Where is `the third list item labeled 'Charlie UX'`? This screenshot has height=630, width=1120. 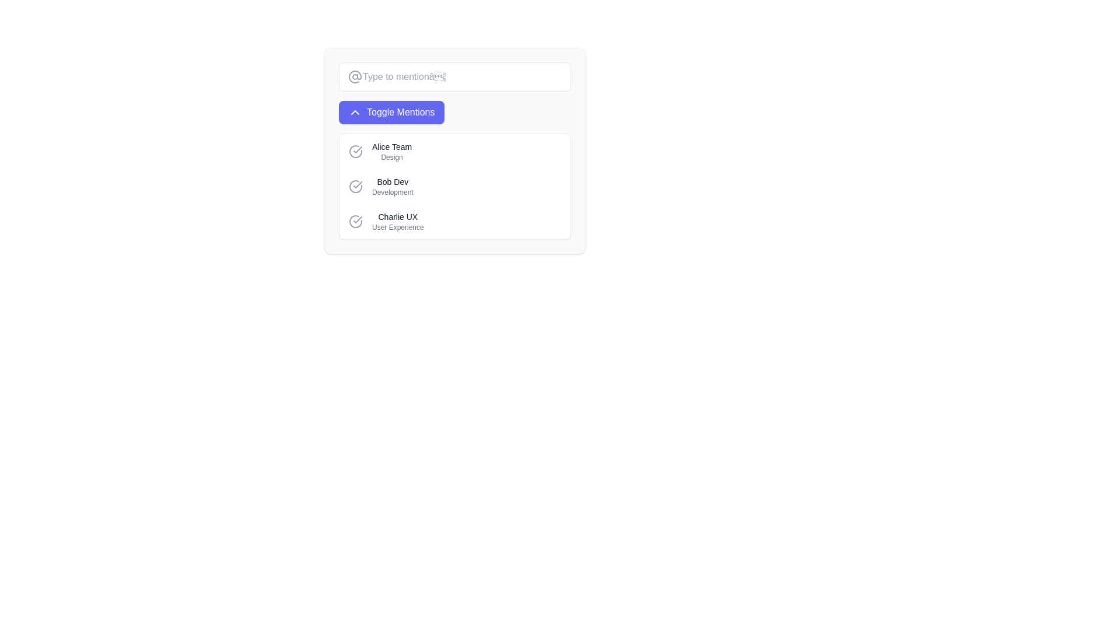
the third list item labeled 'Charlie UX' is located at coordinates (454, 222).